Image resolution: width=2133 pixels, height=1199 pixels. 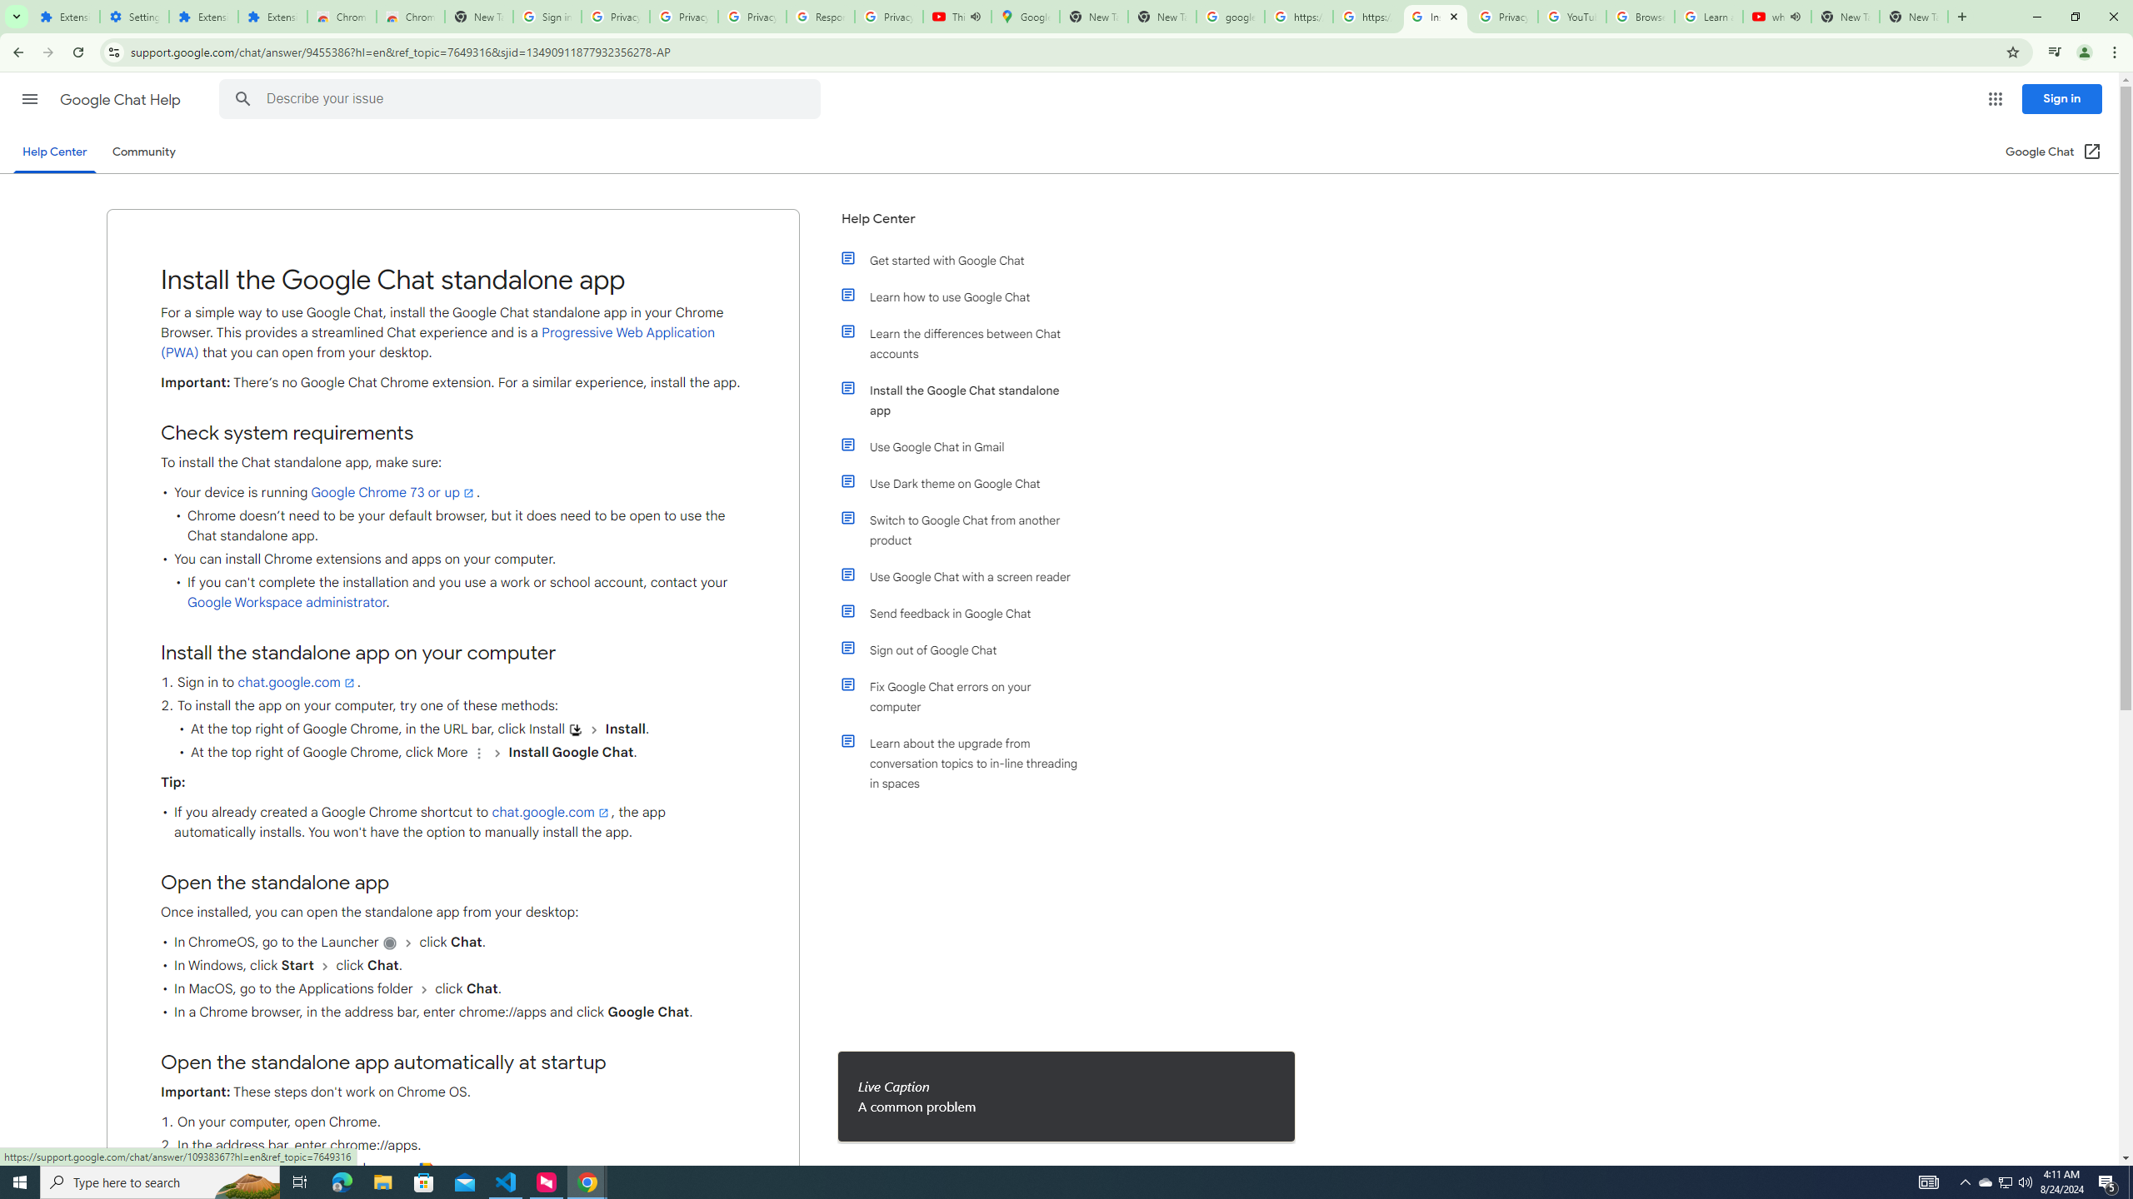 What do you see at coordinates (968, 577) in the screenshot?
I see `'Use Google Chat with a screen reader'` at bounding box center [968, 577].